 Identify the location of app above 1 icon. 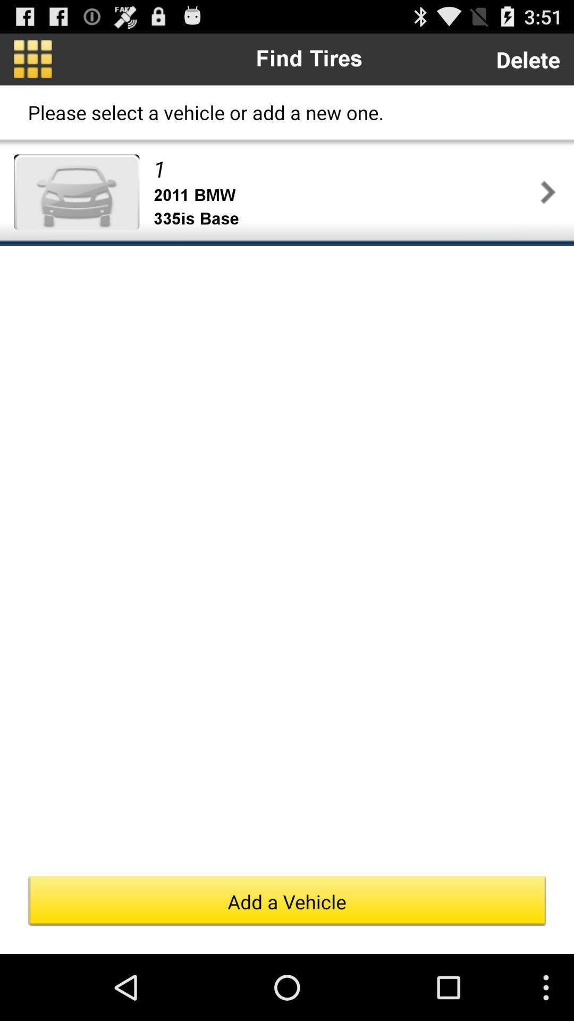
(528, 58).